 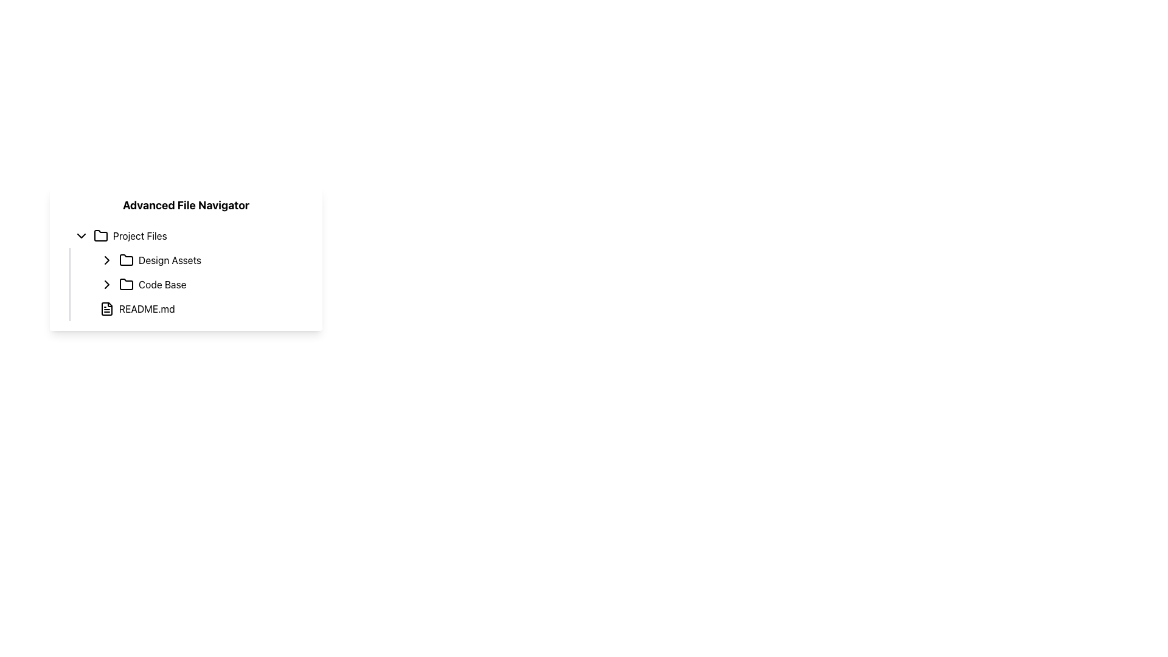 I want to click on the navigational list item representing the folder or directory named 'Design Assets' in the file explorer, so click(x=198, y=260).